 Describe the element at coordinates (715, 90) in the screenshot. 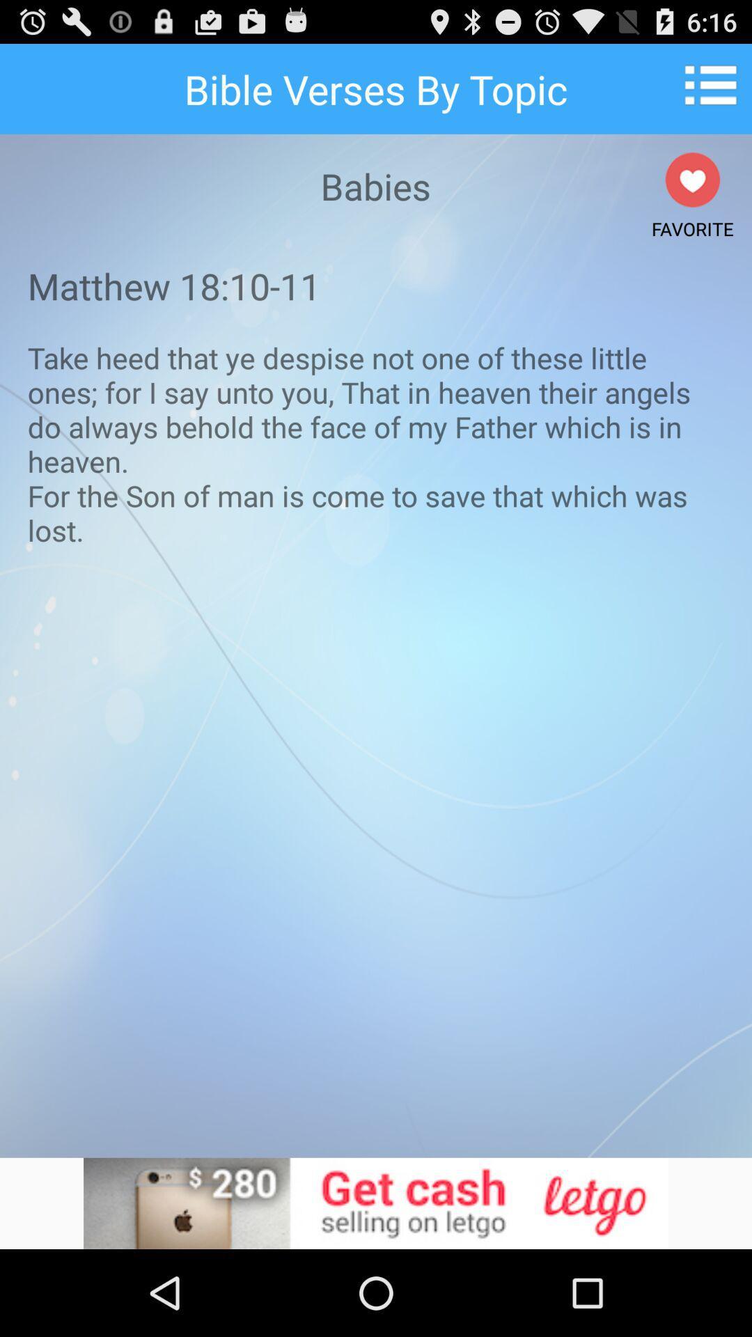

I see `the list icon` at that location.